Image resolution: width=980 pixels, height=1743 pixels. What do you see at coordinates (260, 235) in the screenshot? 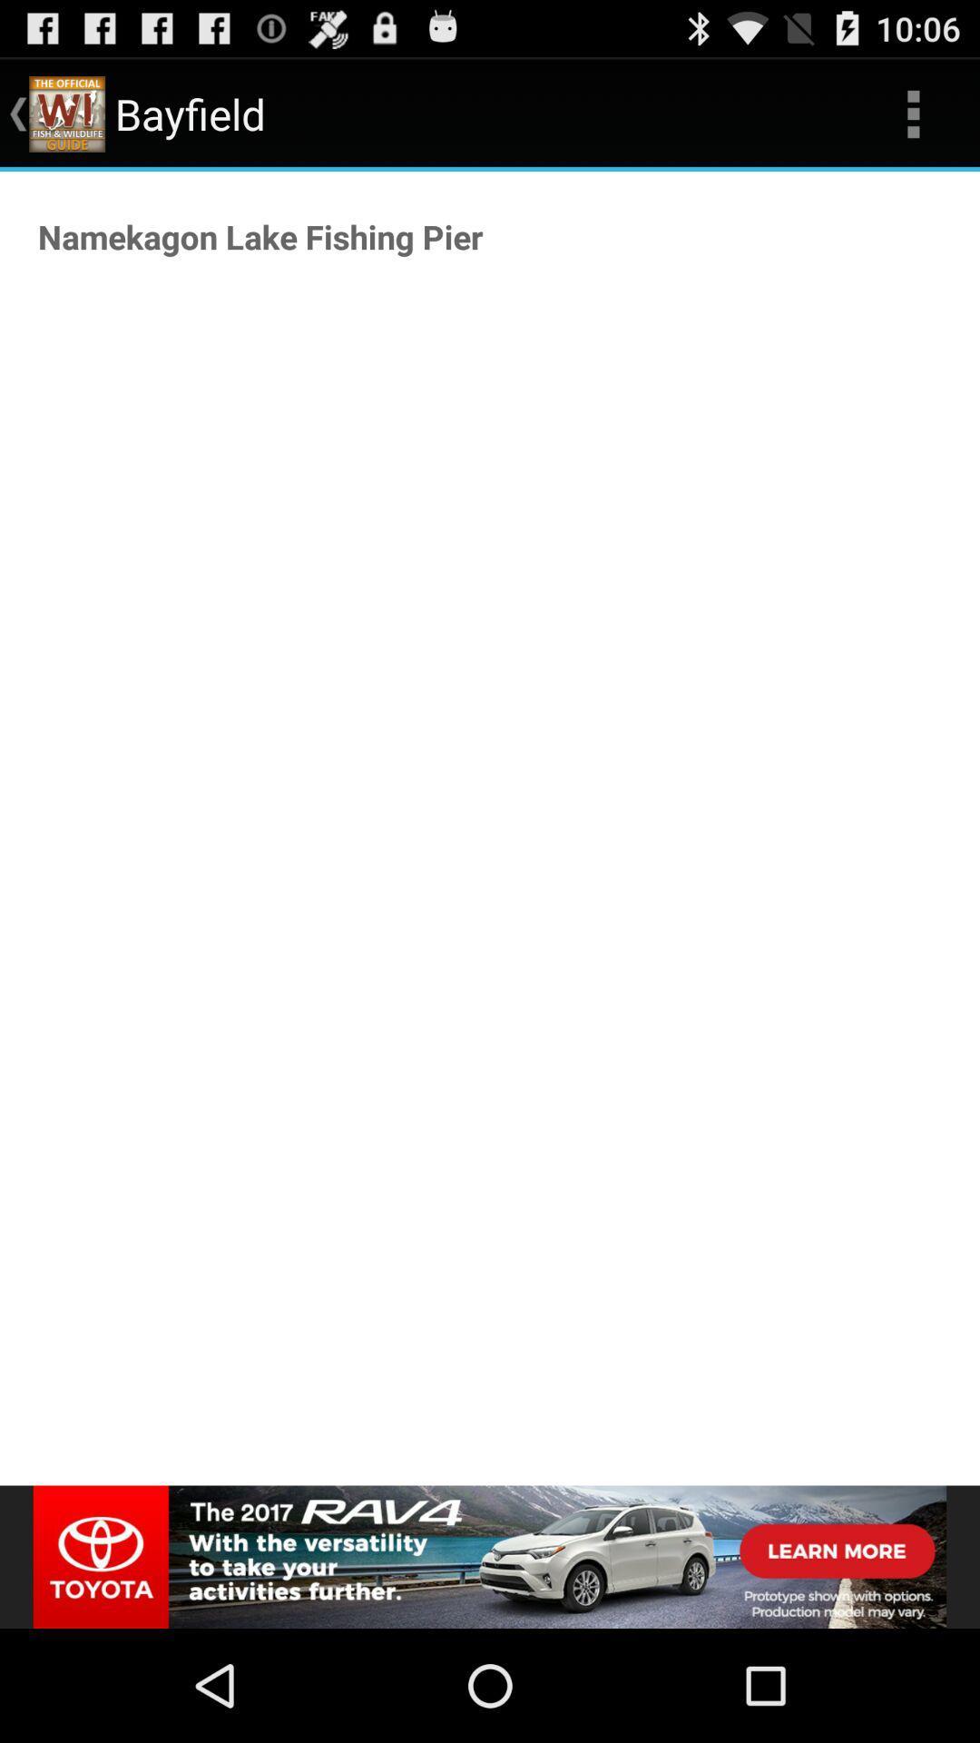
I see `the namekagon lake fishing item` at bounding box center [260, 235].